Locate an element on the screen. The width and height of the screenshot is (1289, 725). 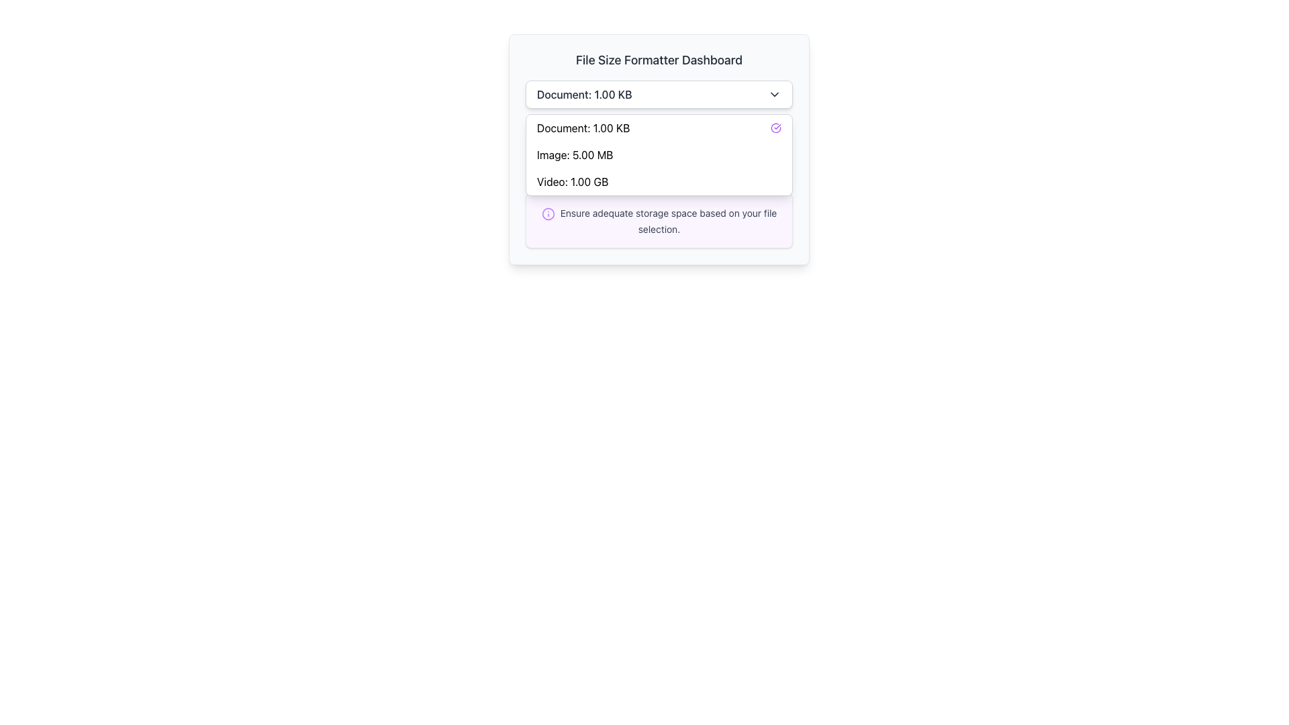
the 'Document: 1.00 KB' label is located at coordinates (583, 128).